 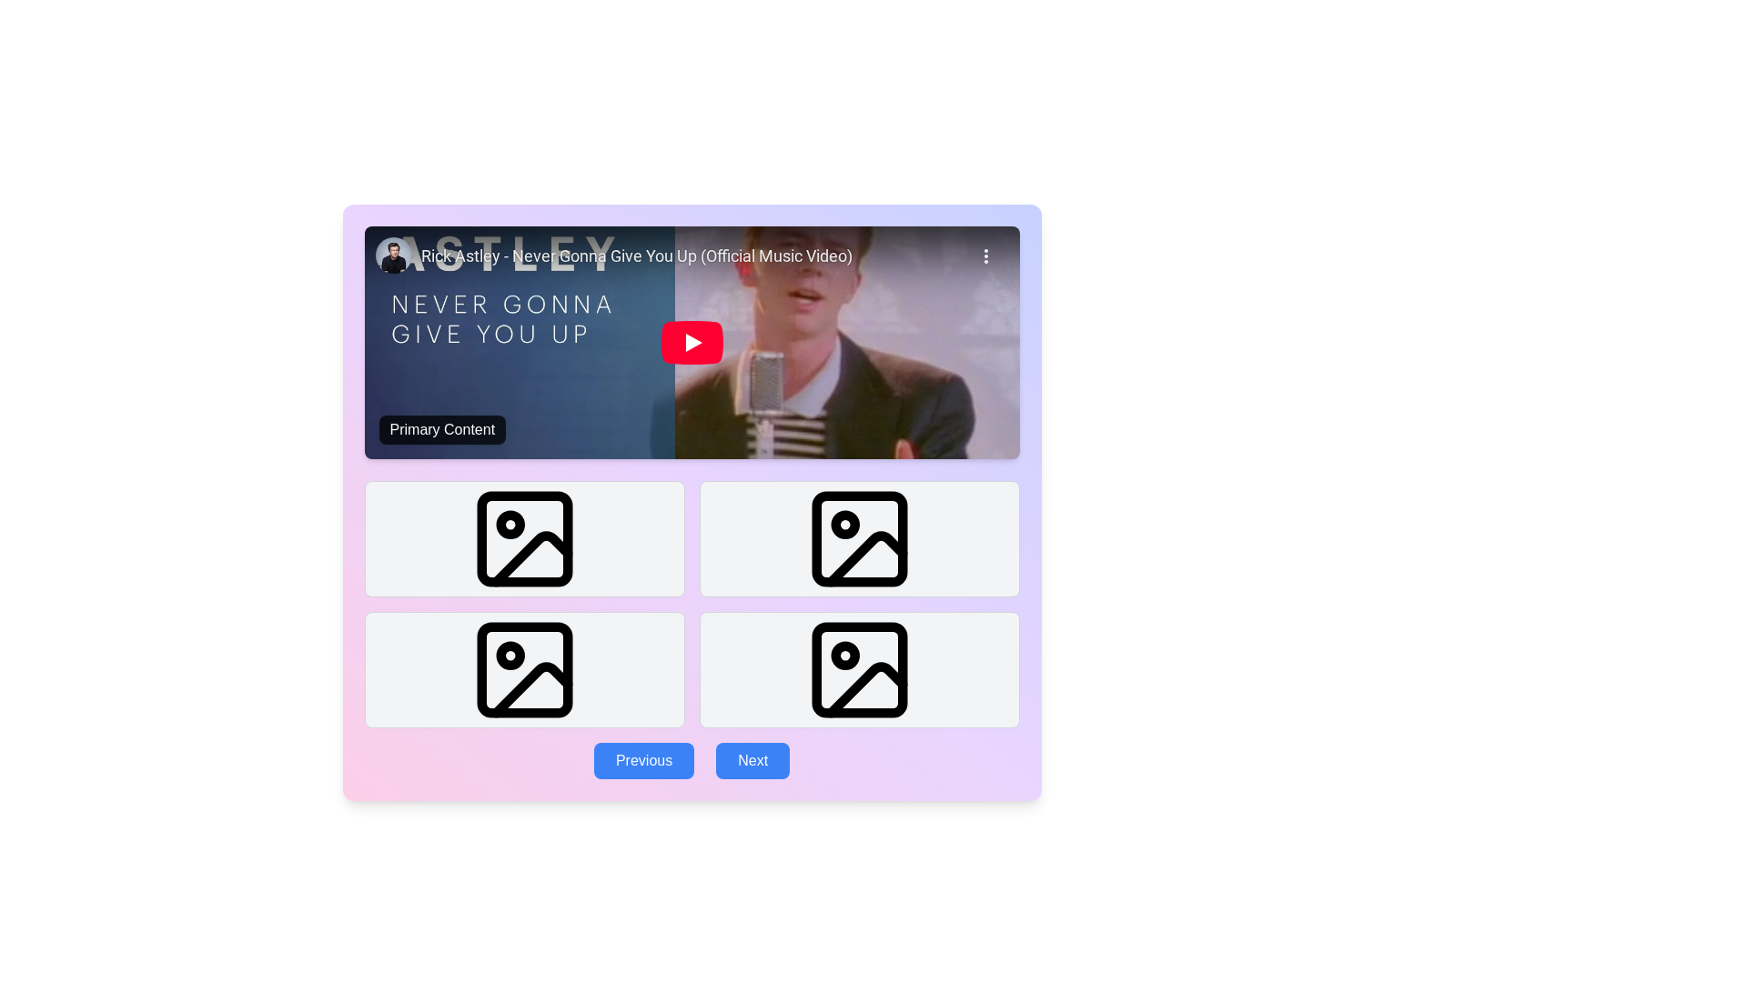 What do you see at coordinates (523, 538) in the screenshot?
I see `the decorative rectangle positioned at the top-left corner of the larger image icon in the top-left quadrant of a 2x2 grid` at bounding box center [523, 538].